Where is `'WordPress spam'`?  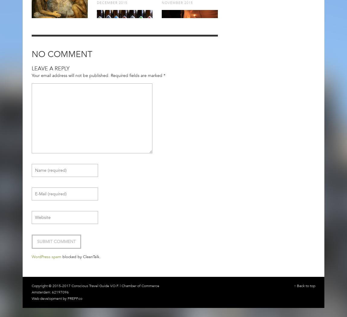
'WordPress spam' is located at coordinates (46, 257).